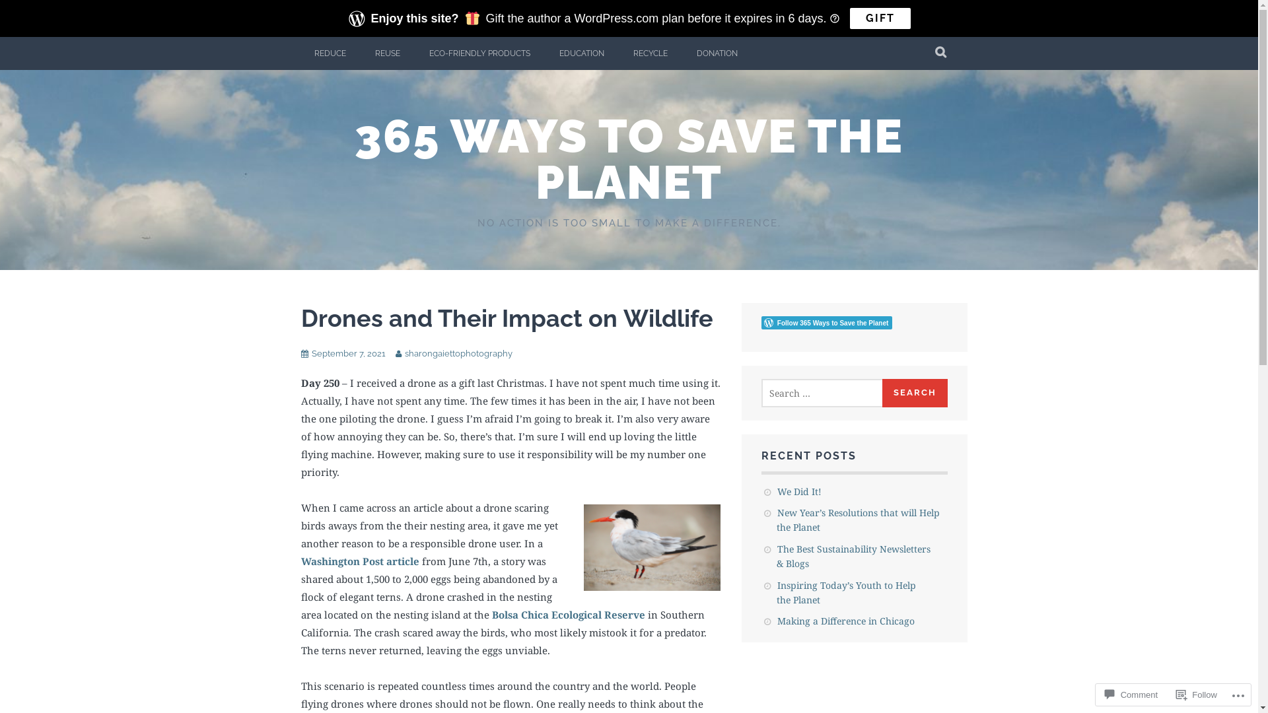 The width and height of the screenshot is (1268, 713). What do you see at coordinates (880, 18) in the screenshot?
I see `'GIFT'` at bounding box center [880, 18].